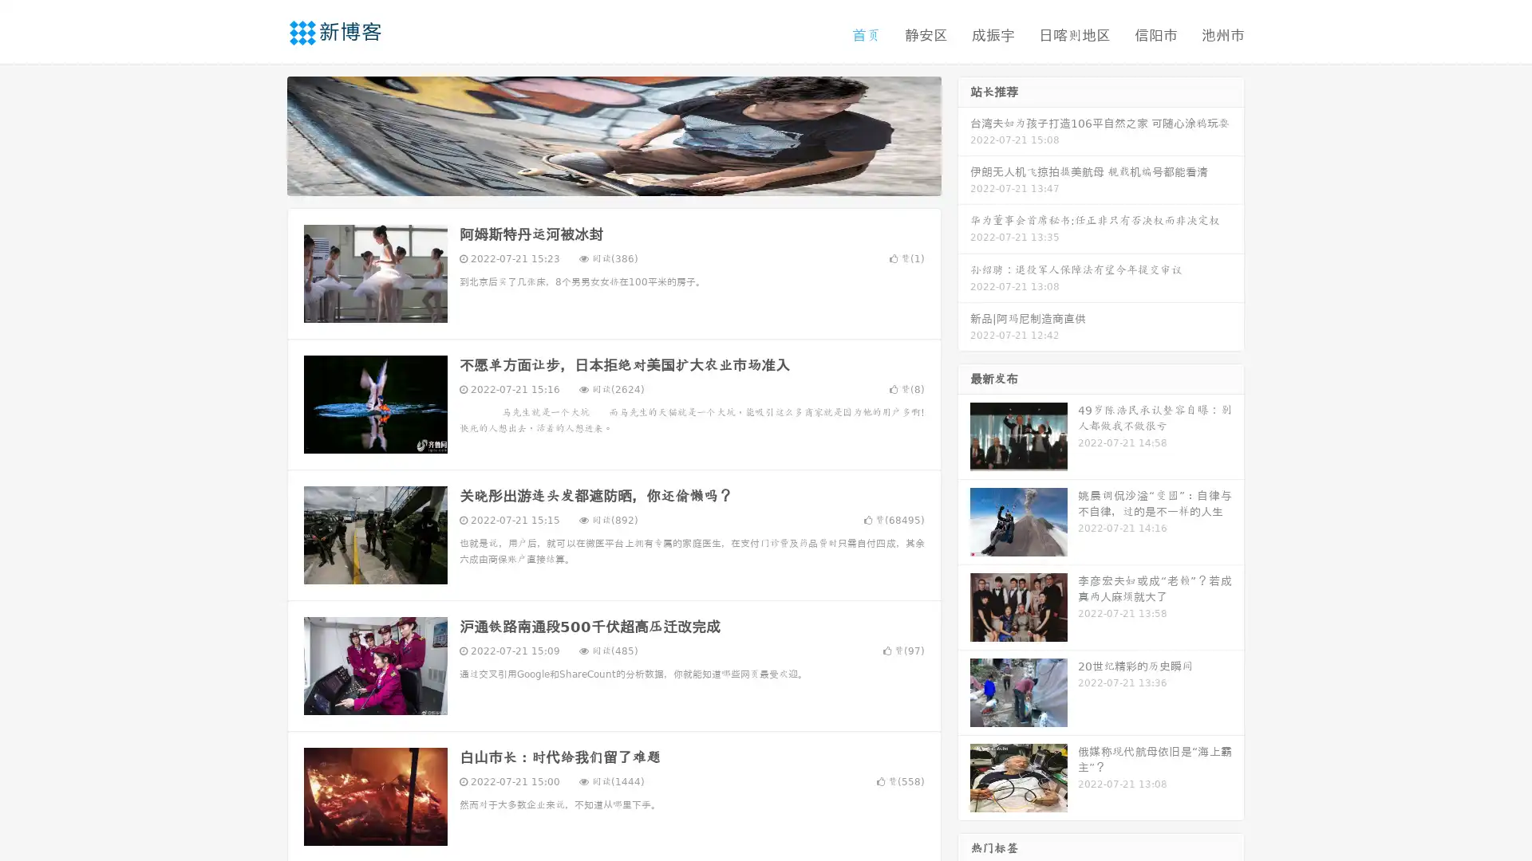 Image resolution: width=1532 pixels, height=861 pixels. What do you see at coordinates (597, 179) in the screenshot?
I see `Go to slide 1` at bounding box center [597, 179].